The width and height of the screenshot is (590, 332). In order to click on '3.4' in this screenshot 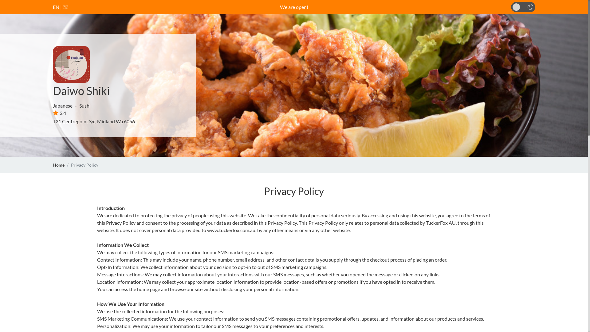, I will do `click(53, 113)`.